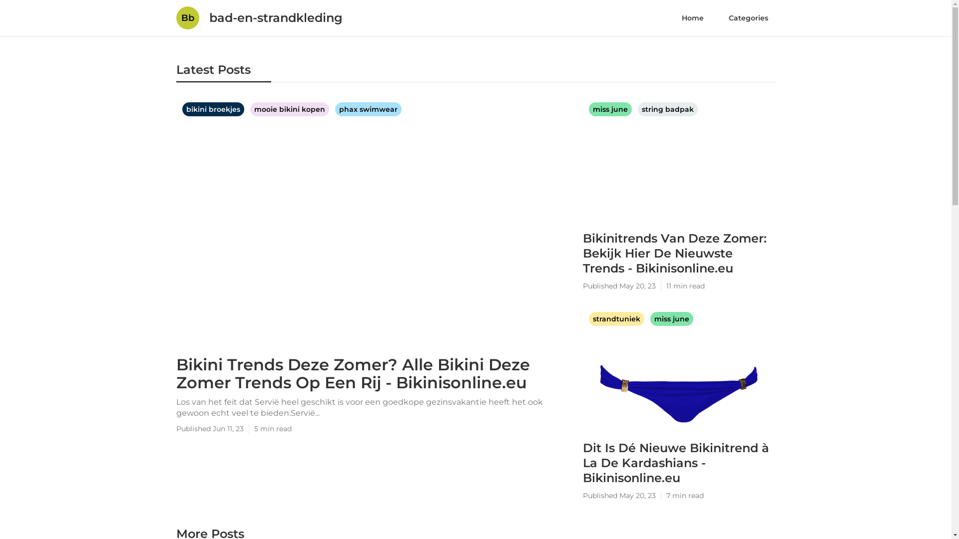  What do you see at coordinates (610, 109) in the screenshot?
I see `'miss june'` at bounding box center [610, 109].